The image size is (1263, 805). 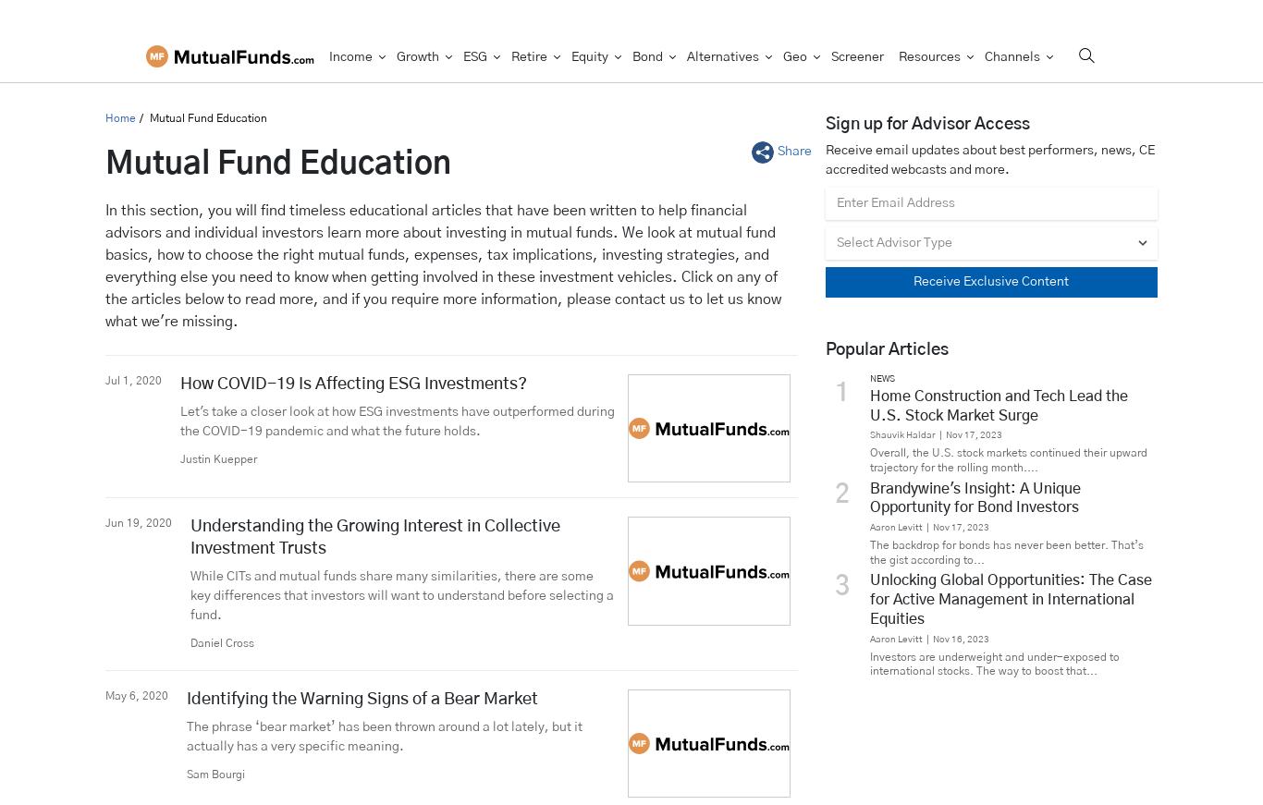 What do you see at coordinates (686, 55) in the screenshot?
I see `'Alternatives'` at bounding box center [686, 55].